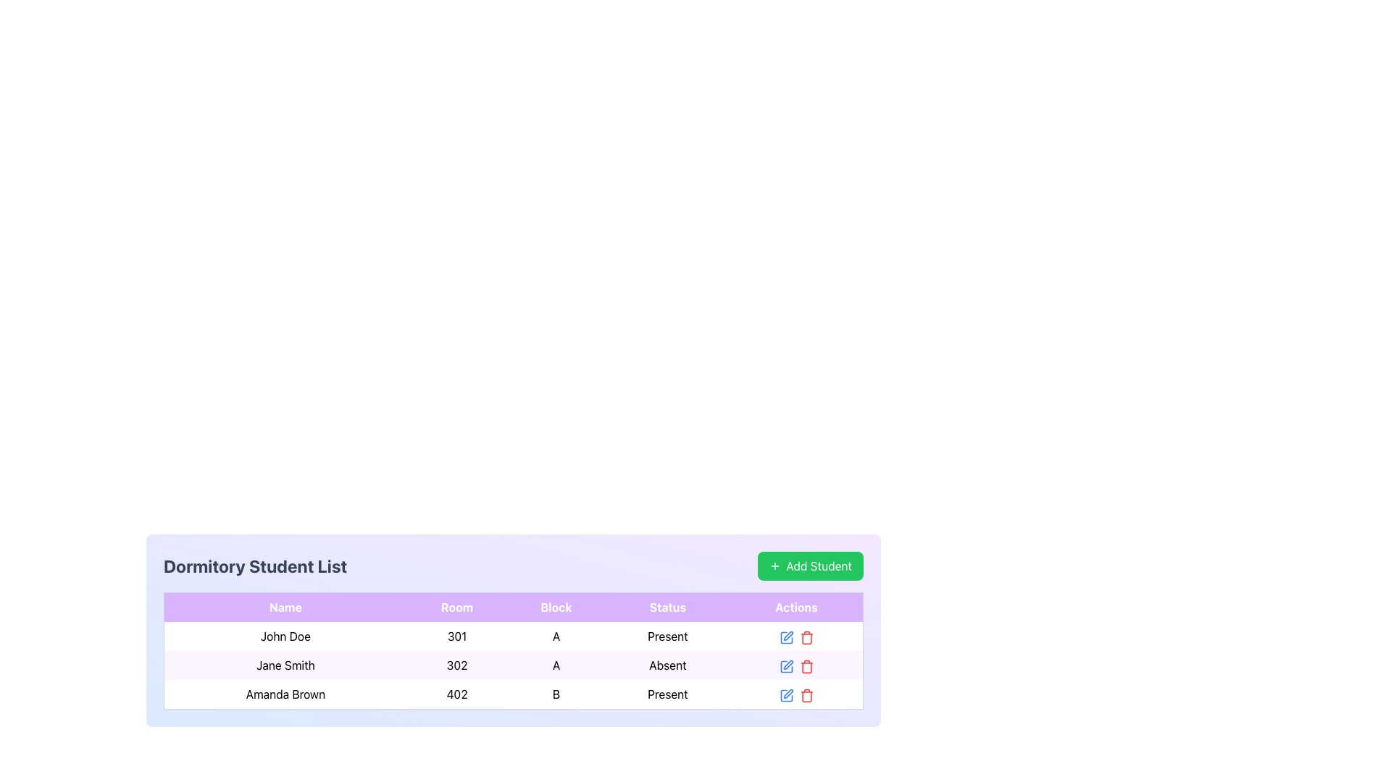 This screenshot has height=782, width=1391. I want to click on the 'Edit' icon button located in the 'Actions' column of the last row for Amanda Brown, so click(785, 694).